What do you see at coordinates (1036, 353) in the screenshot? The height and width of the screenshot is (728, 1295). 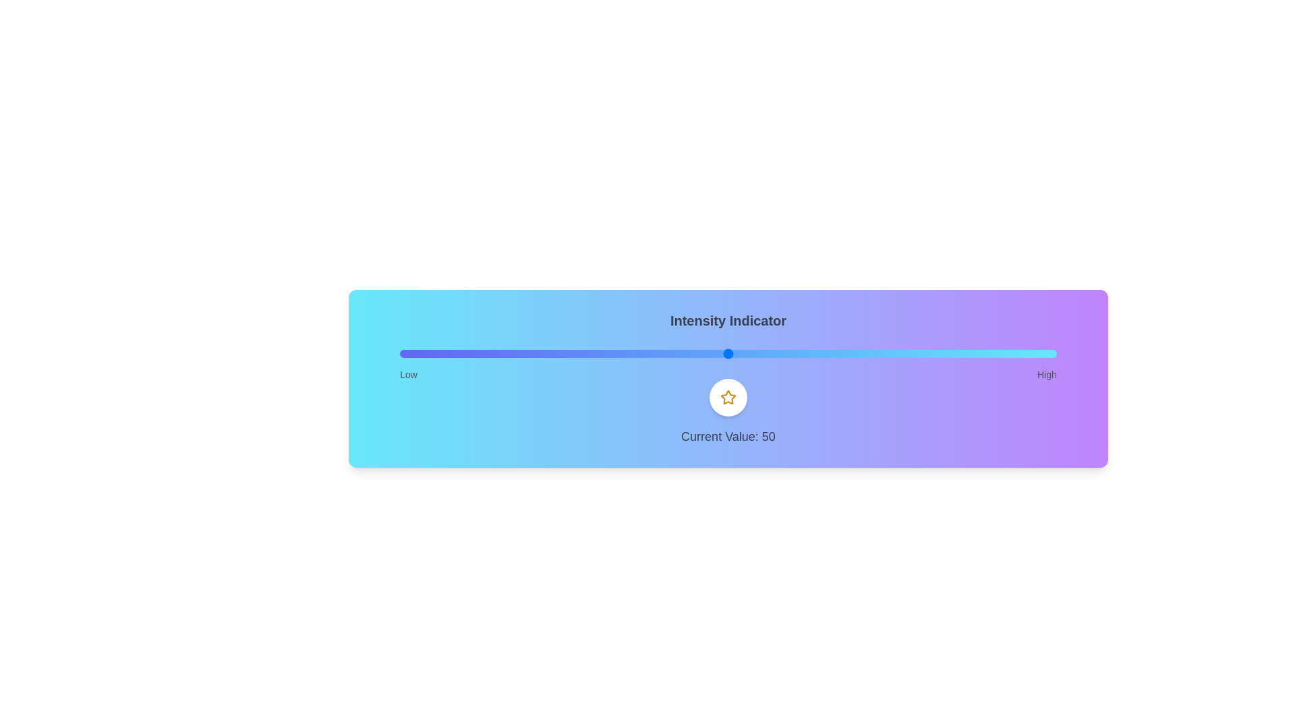 I see `the slider to a specific value, 97, to observe the icon's behavior` at bounding box center [1036, 353].